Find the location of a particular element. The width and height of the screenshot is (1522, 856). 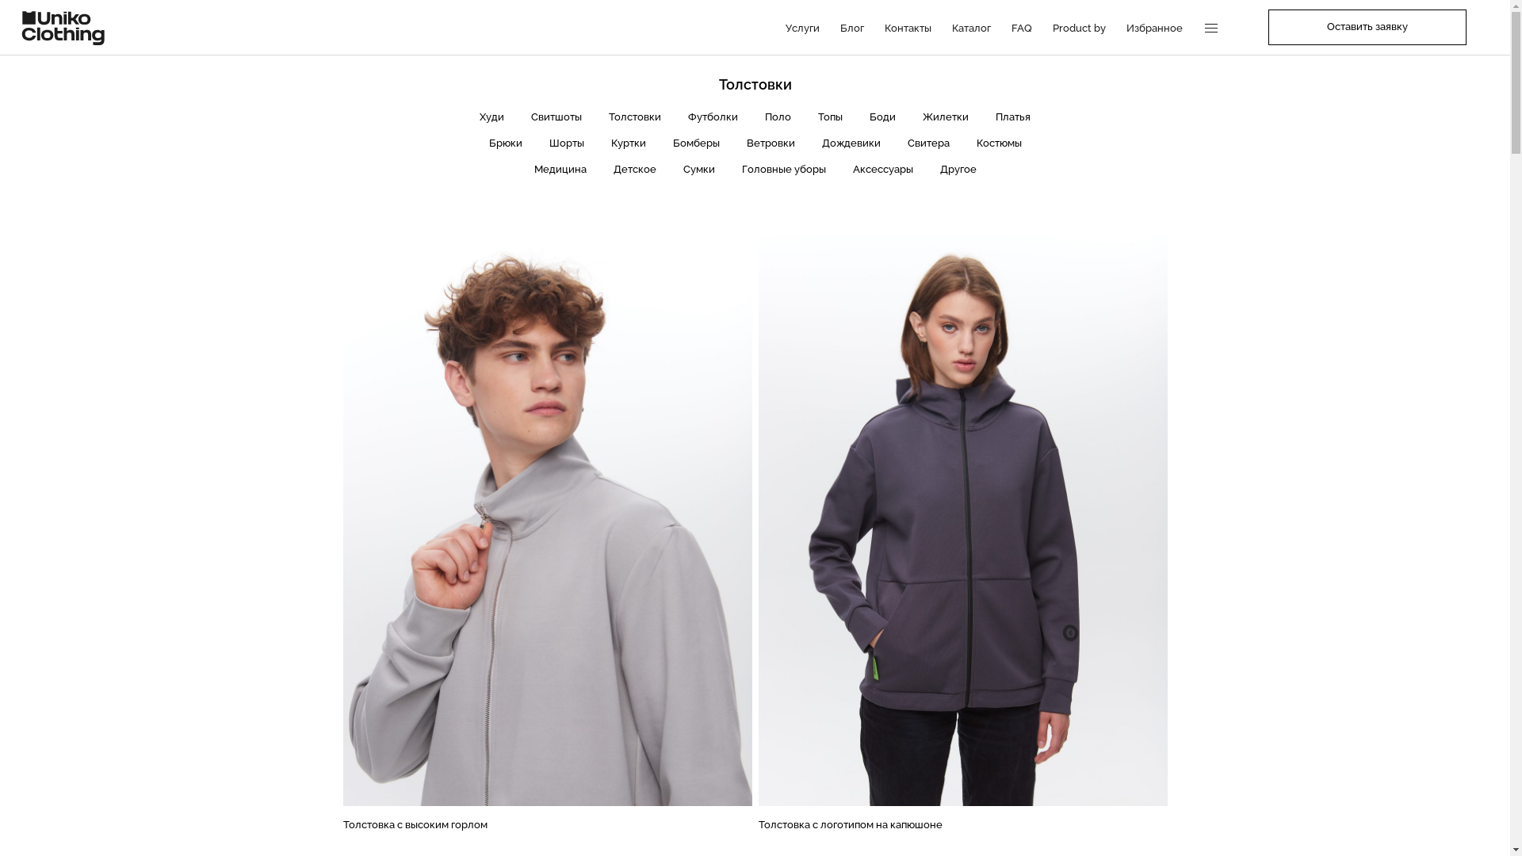

'FAQ' is located at coordinates (1022, 27).